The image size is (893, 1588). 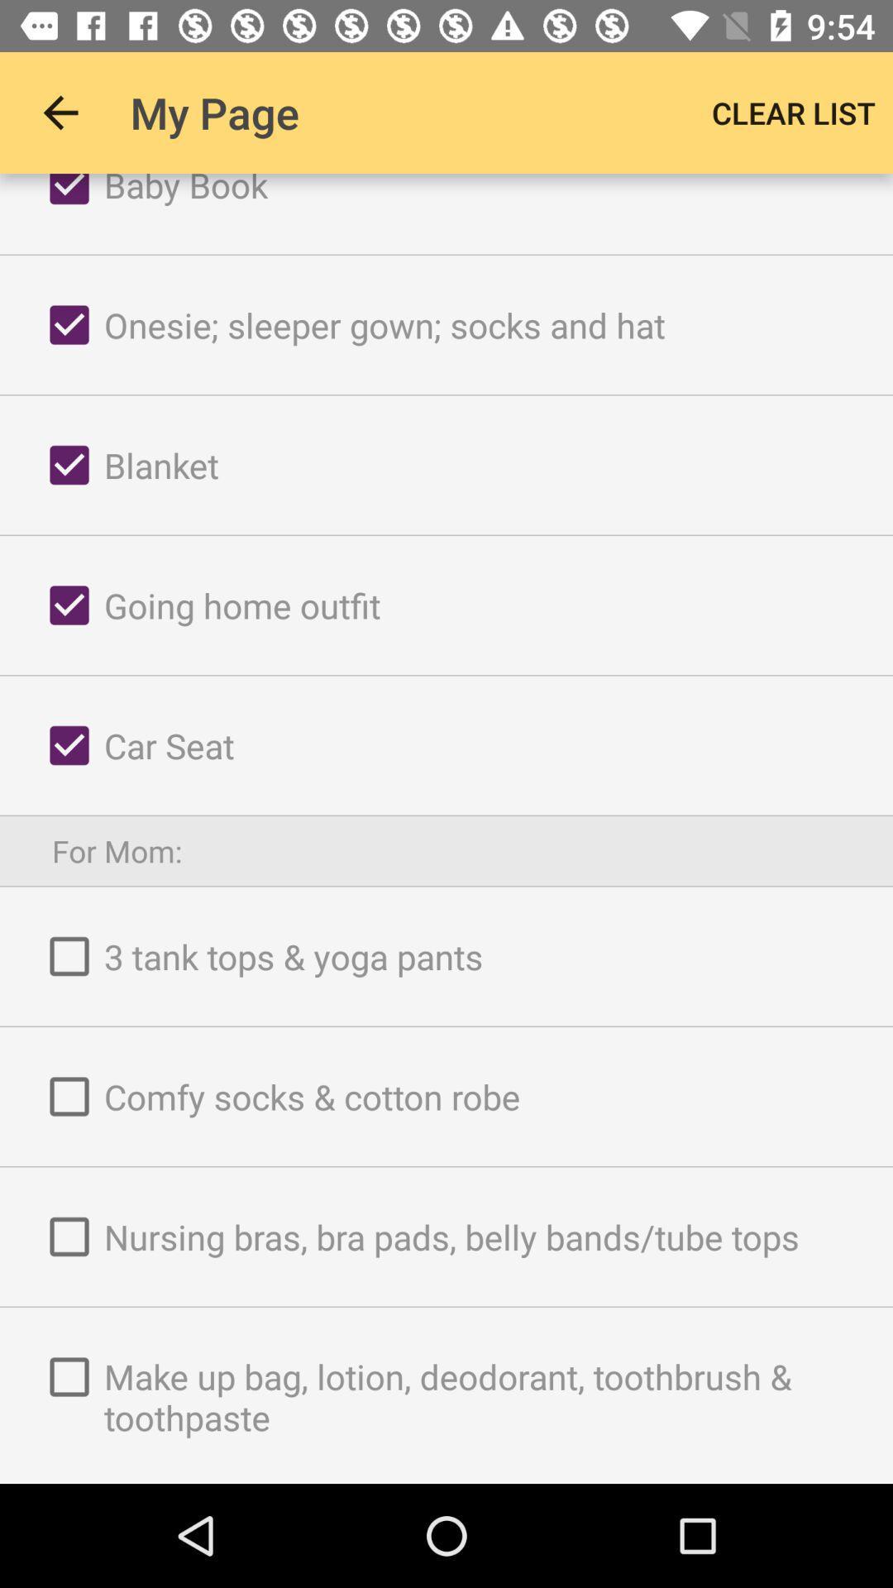 What do you see at coordinates (793, 112) in the screenshot?
I see `the item next to the my page` at bounding box center [793, 112].